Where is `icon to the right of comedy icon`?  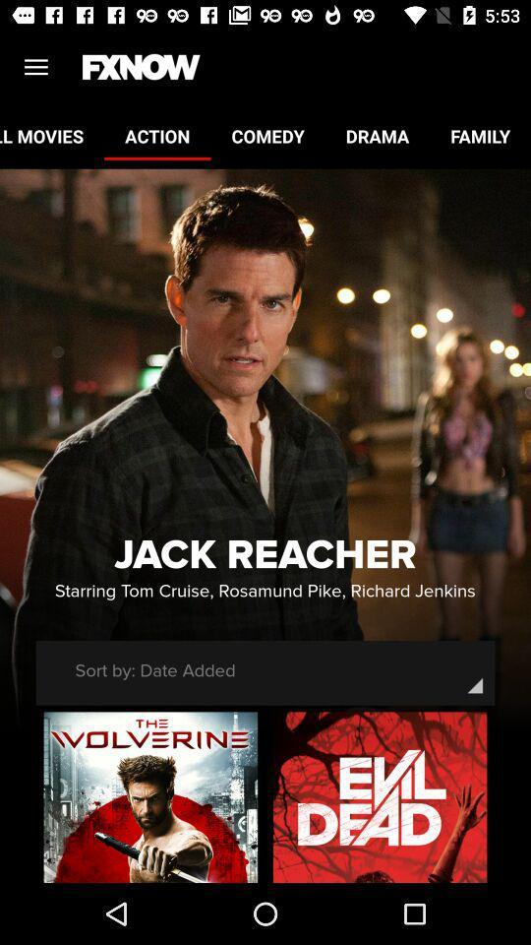 icon to the right of comedy icon is located at coordinates (377, 135).